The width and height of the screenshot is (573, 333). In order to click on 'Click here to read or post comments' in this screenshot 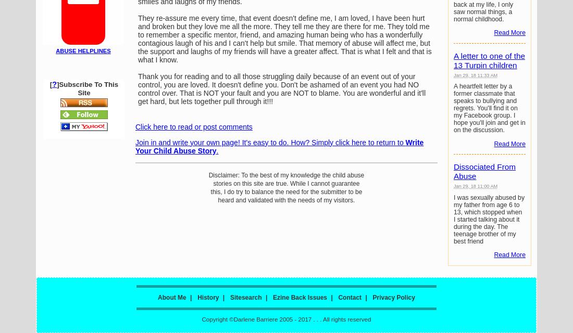, I will do `click(194, 126)`.